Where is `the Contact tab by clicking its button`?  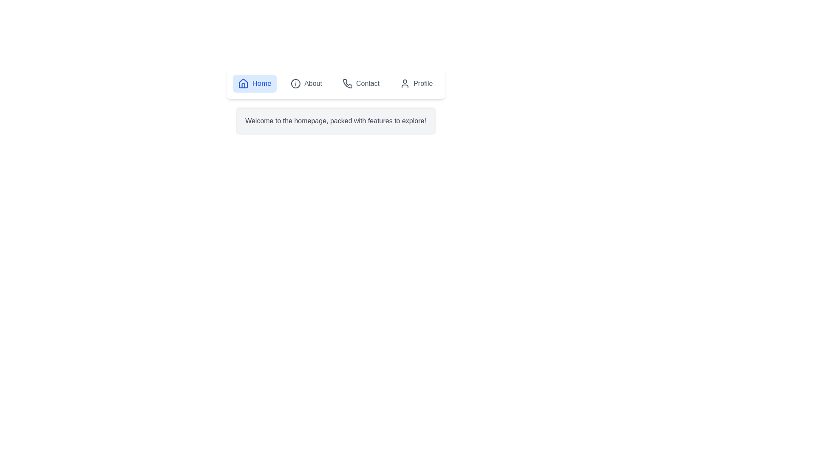 the Contact tab by clicking its button is located at coordinates (361, 83).